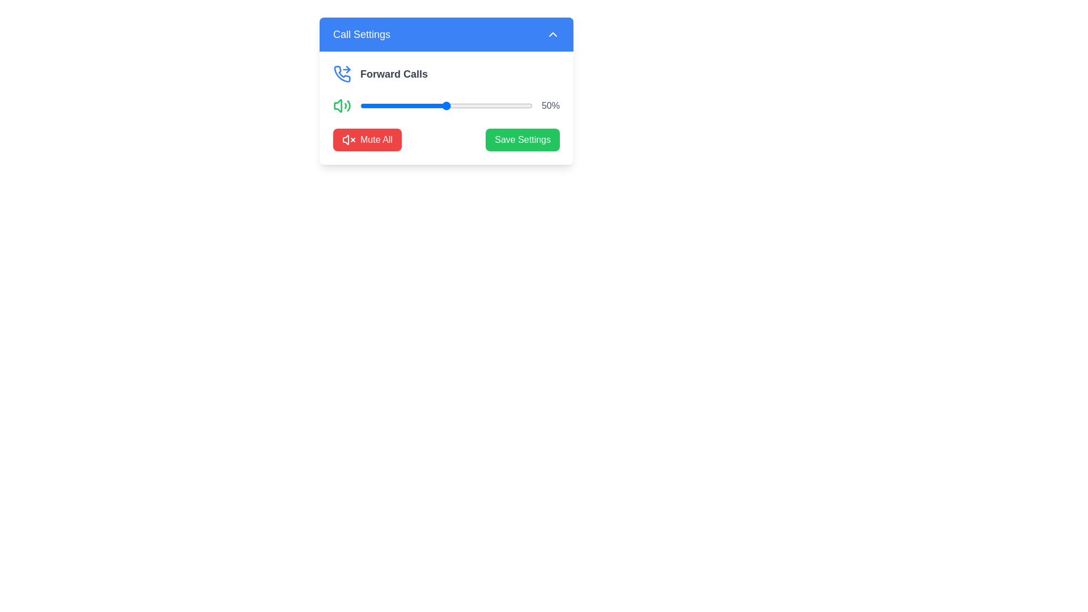 The width and height of the screenshot is (1088, 612). What do you see at coordinates (445, 105) in the screenshot?
I see `the horizontal slider thumb` at bounding box center [445, 105].